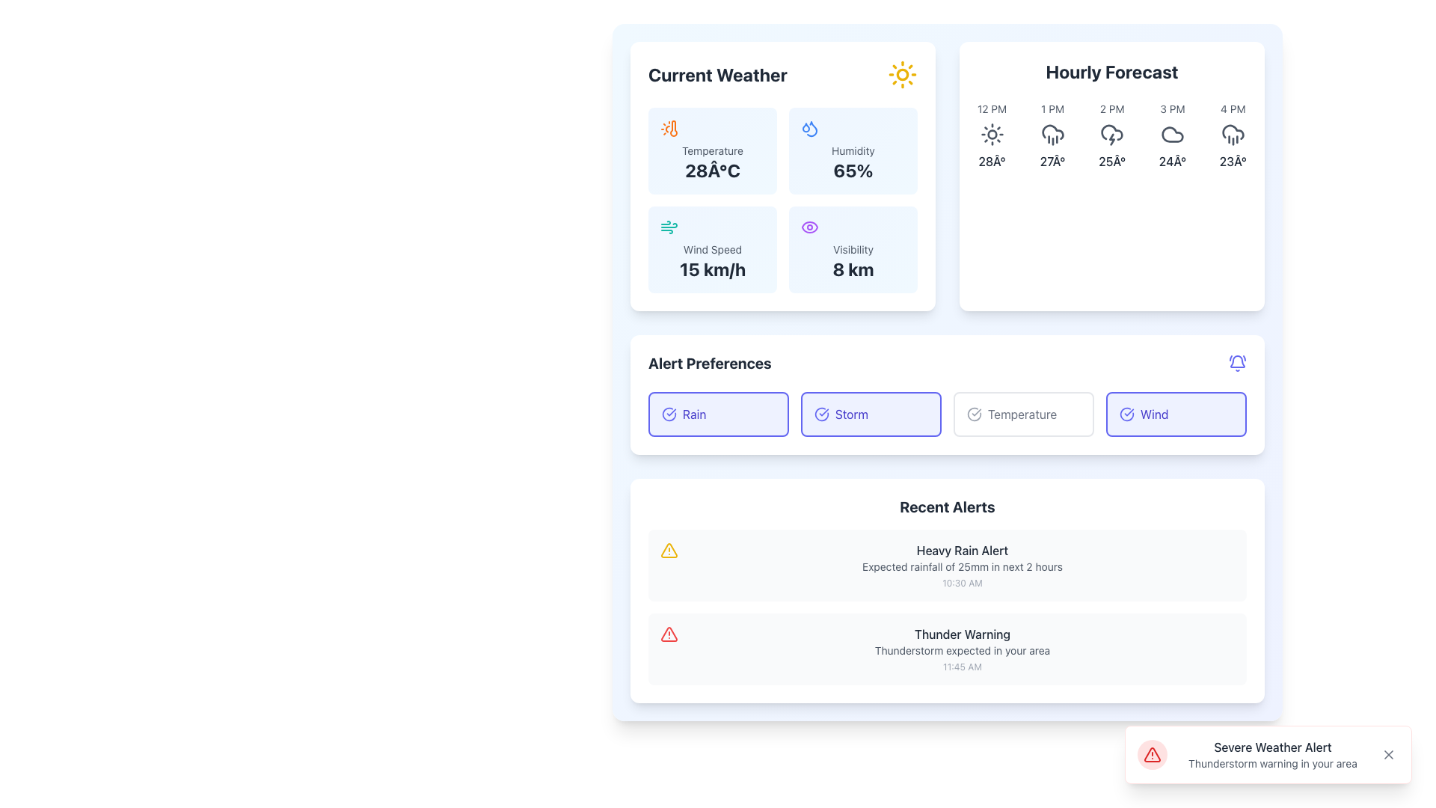 This screenshot has width=1436, height=808. I want to click on the text display element showing '65%' in the Current Weather section beneath the label 'Humidity', so click(853, 169).